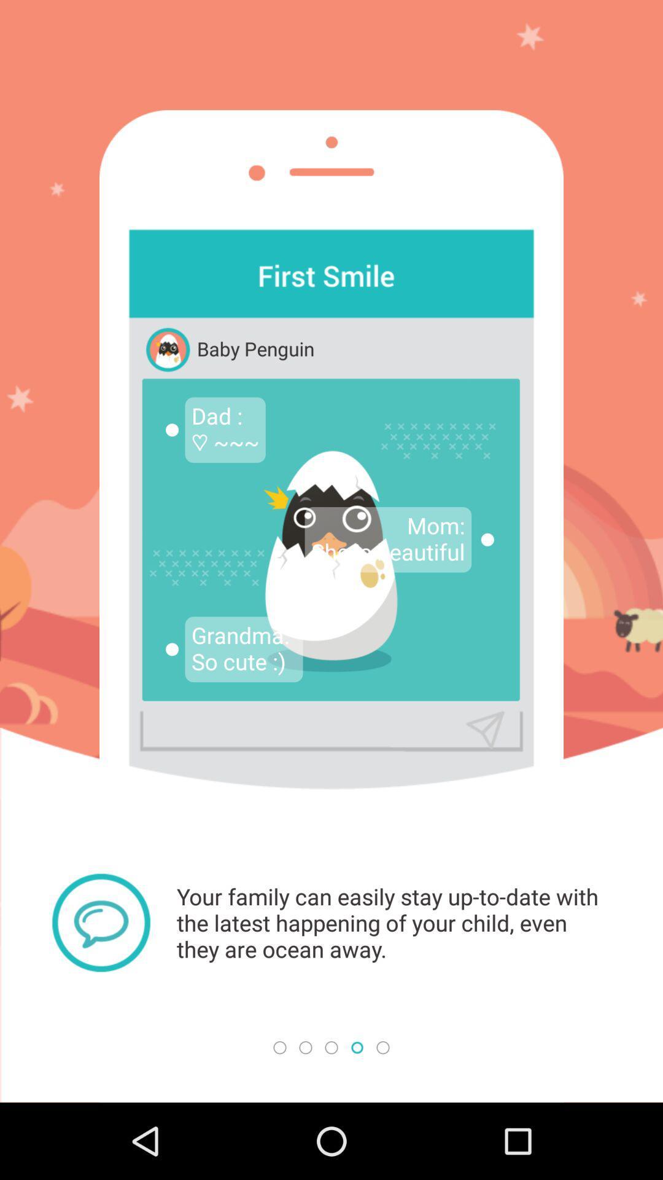 Image resolution: width=663 pixels, height=1180 pixels. Describe the element at coordinates (331, 1047) in the screenshot. I see `third circle at the bottom of the page` at that location.